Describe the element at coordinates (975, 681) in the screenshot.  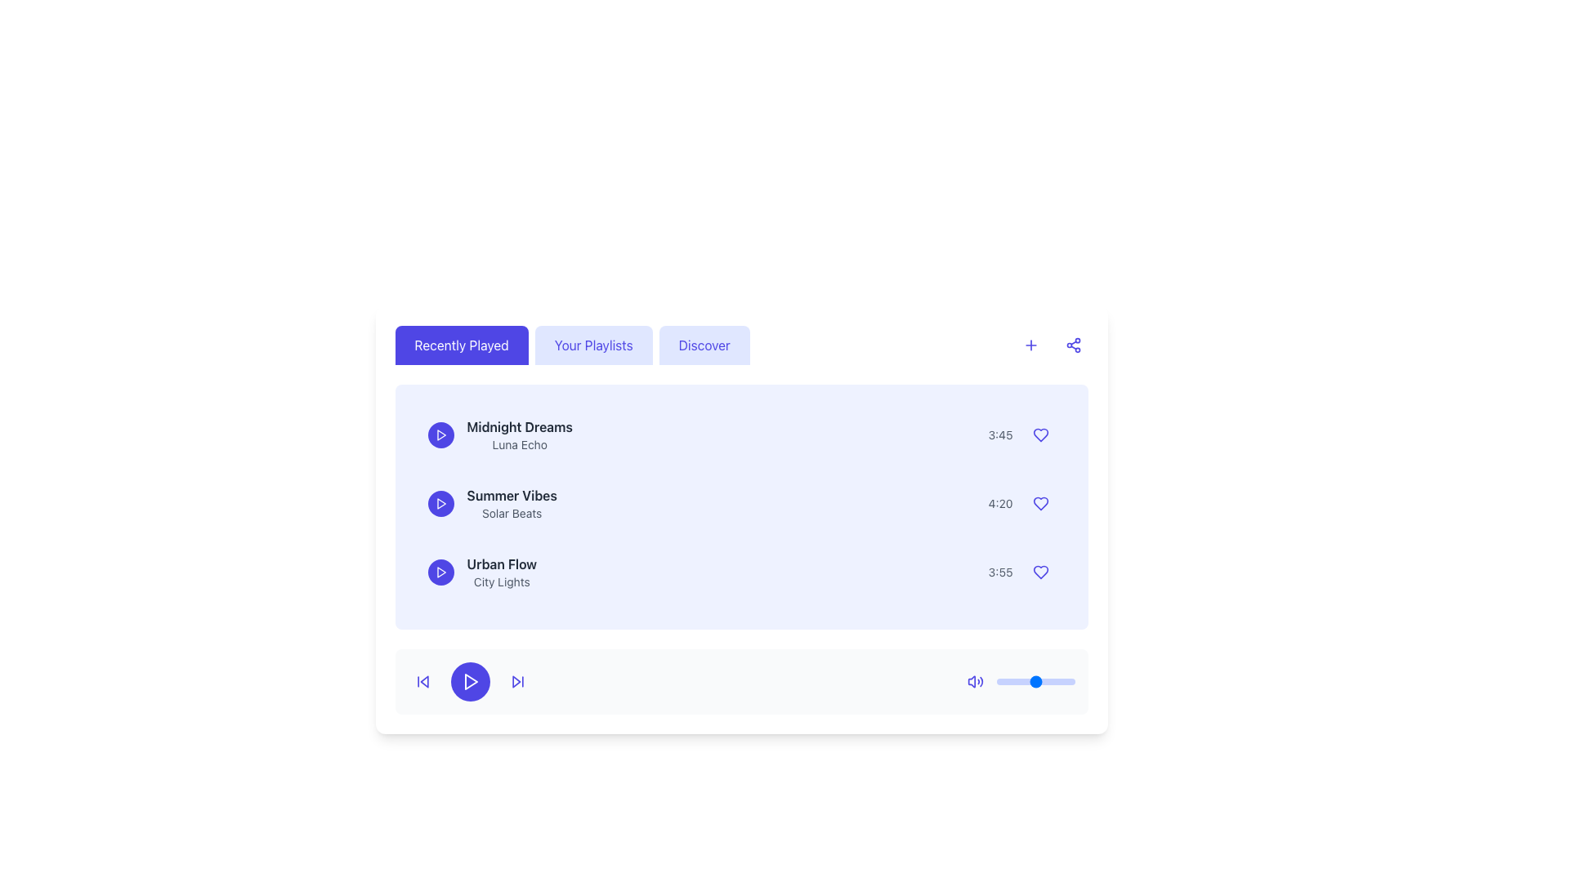
I see `the volume control icon located at the leftmost side of the controls in the bottom-right section of the interface` at that location.